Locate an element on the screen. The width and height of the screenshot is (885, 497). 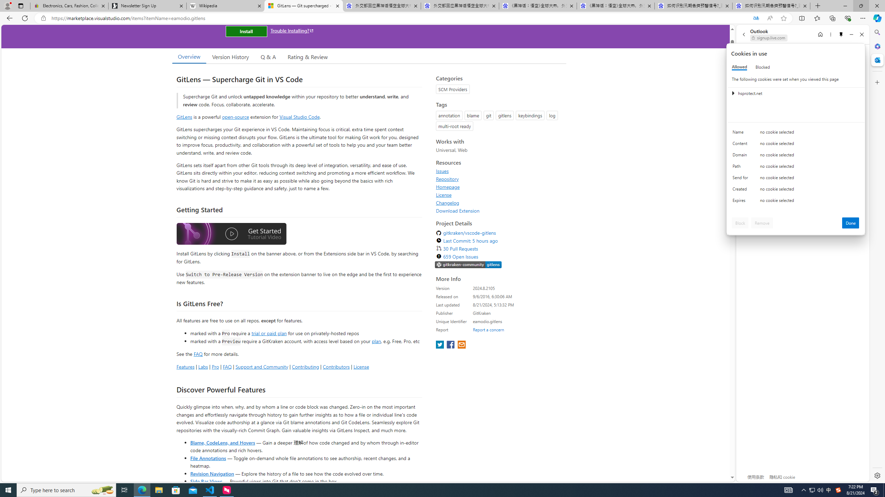
'Allowed' is located at coordinates (739, 67).